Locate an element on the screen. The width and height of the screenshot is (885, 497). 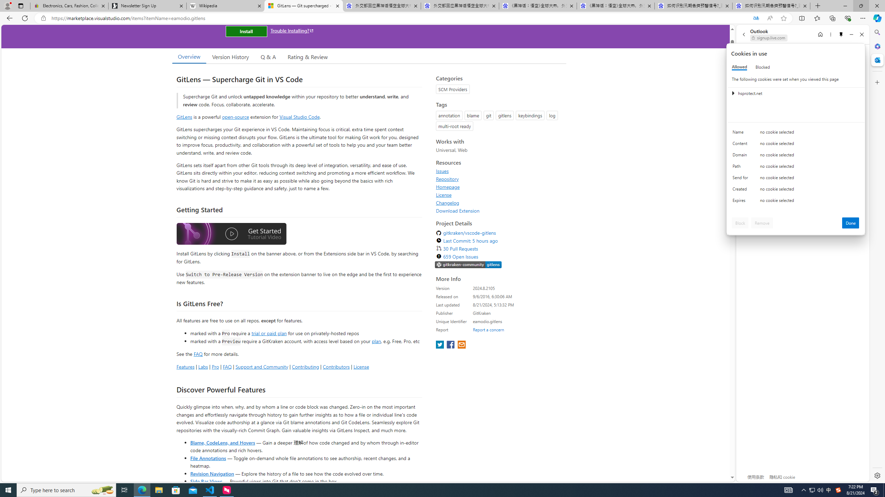
'Allowed' is located at coordinates (739, 67).